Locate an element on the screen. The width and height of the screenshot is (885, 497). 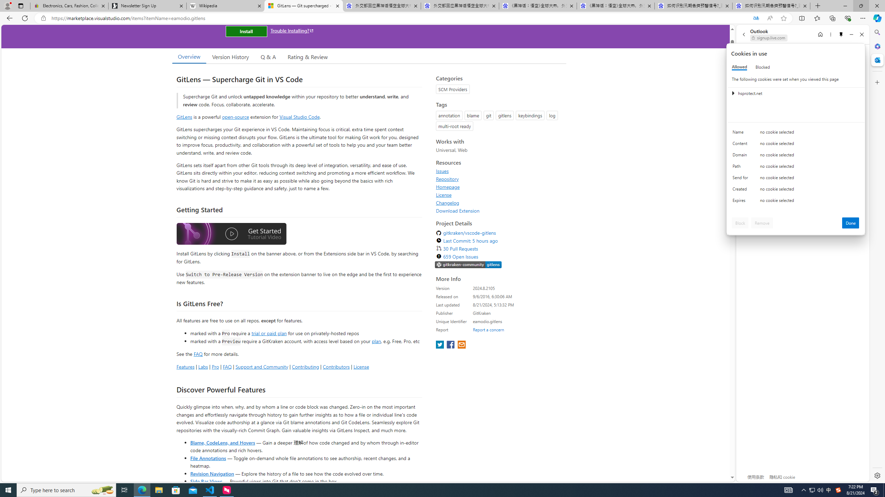
'Allowed' is located at coordinates (739, 67).